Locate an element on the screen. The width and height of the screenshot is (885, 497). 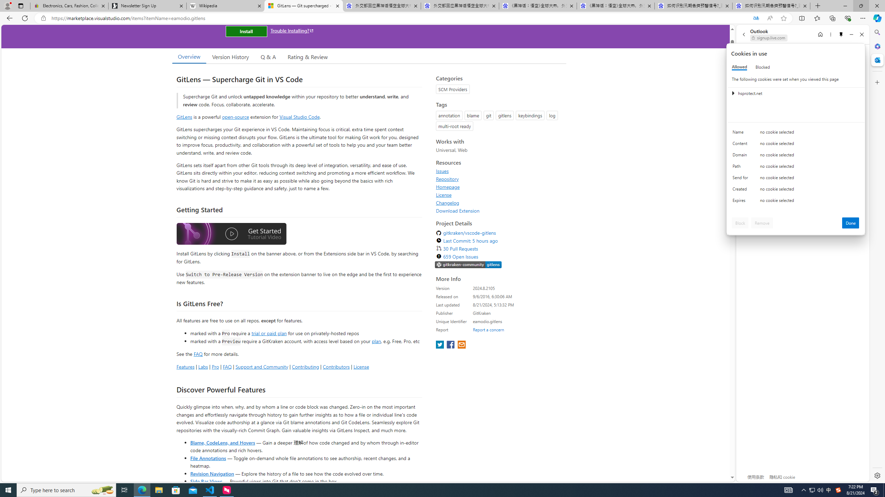
'Allowed' is located at coordinates (739, 67).